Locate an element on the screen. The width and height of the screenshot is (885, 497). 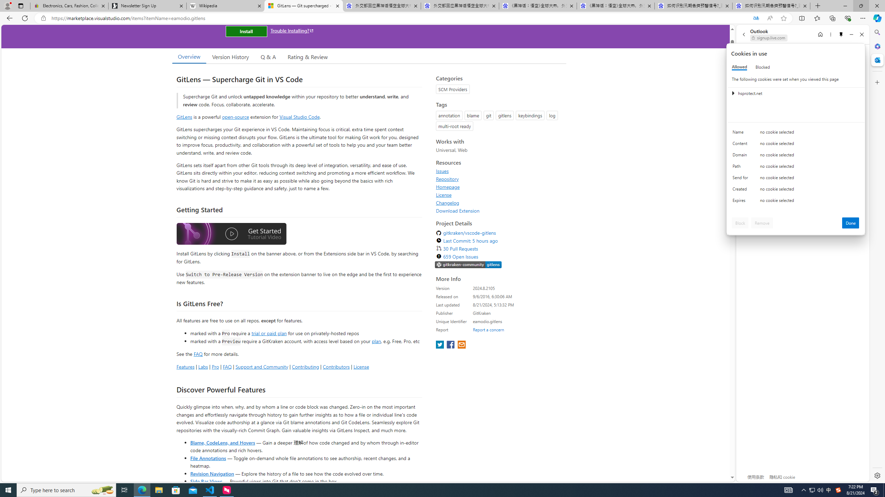
'Allowed' is located at coordinates (739, 67).